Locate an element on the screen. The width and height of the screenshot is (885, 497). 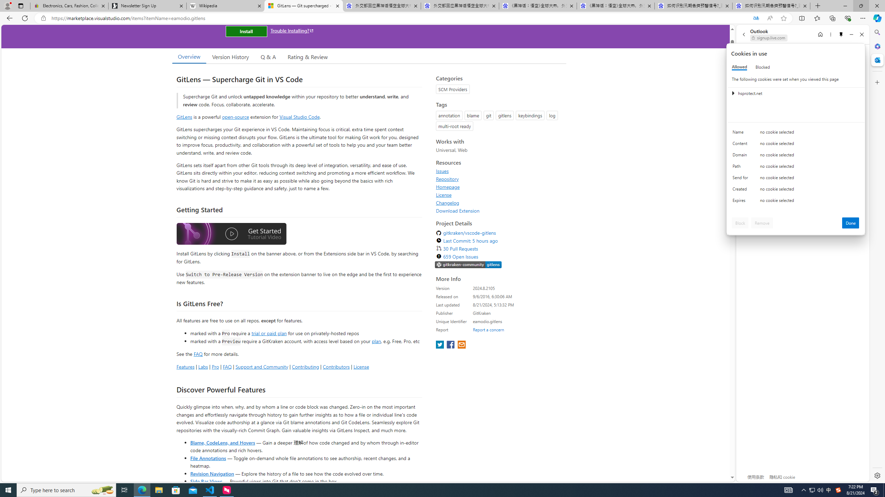
'Allowed' is located at coordinates (739, 67).